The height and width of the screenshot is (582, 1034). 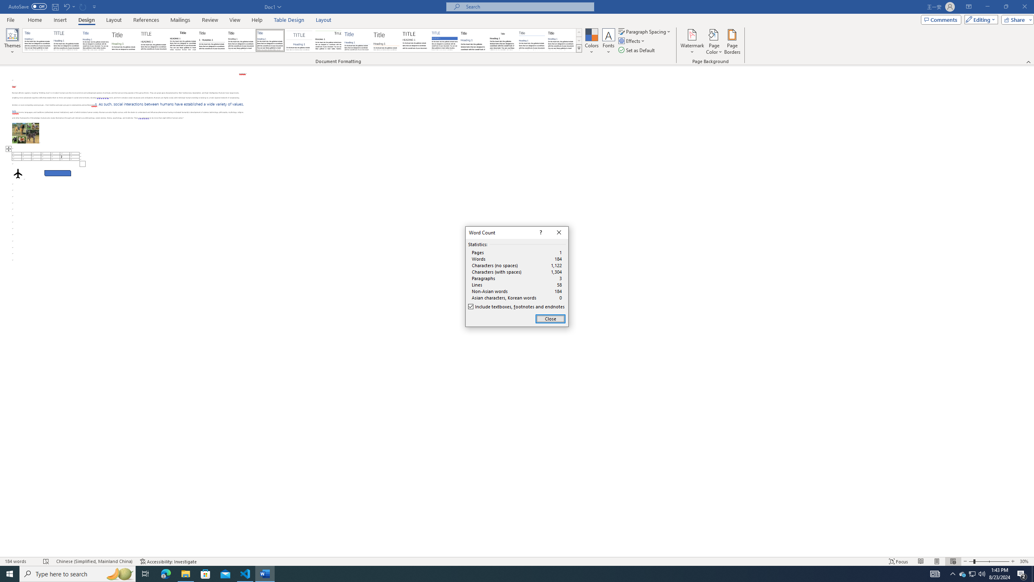 I want to click on 'Print Layout', so click(x=937, y=561).